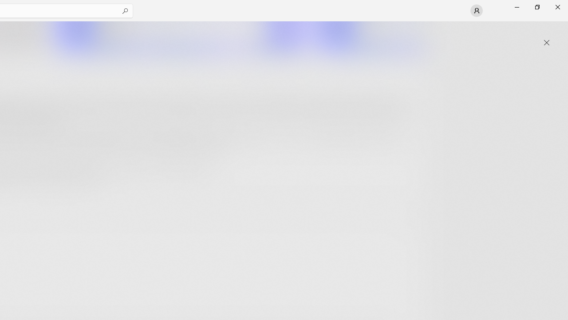  What do you see at coordinates (546, 43) in the screenshot?
I see `'close popup window'` at bounding box center [546, 43].